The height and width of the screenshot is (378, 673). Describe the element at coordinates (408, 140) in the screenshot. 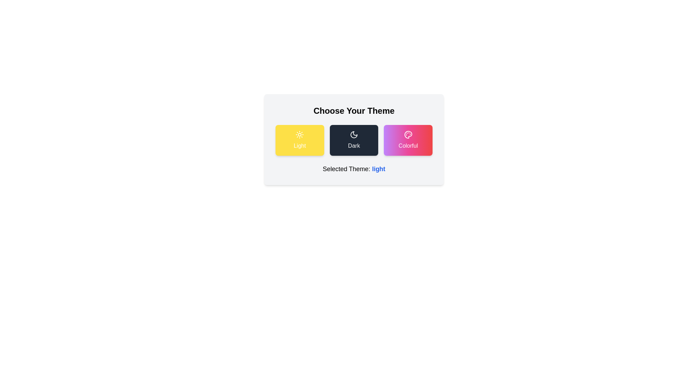

I see `the Colorful button to observe its focus effects` at that location.